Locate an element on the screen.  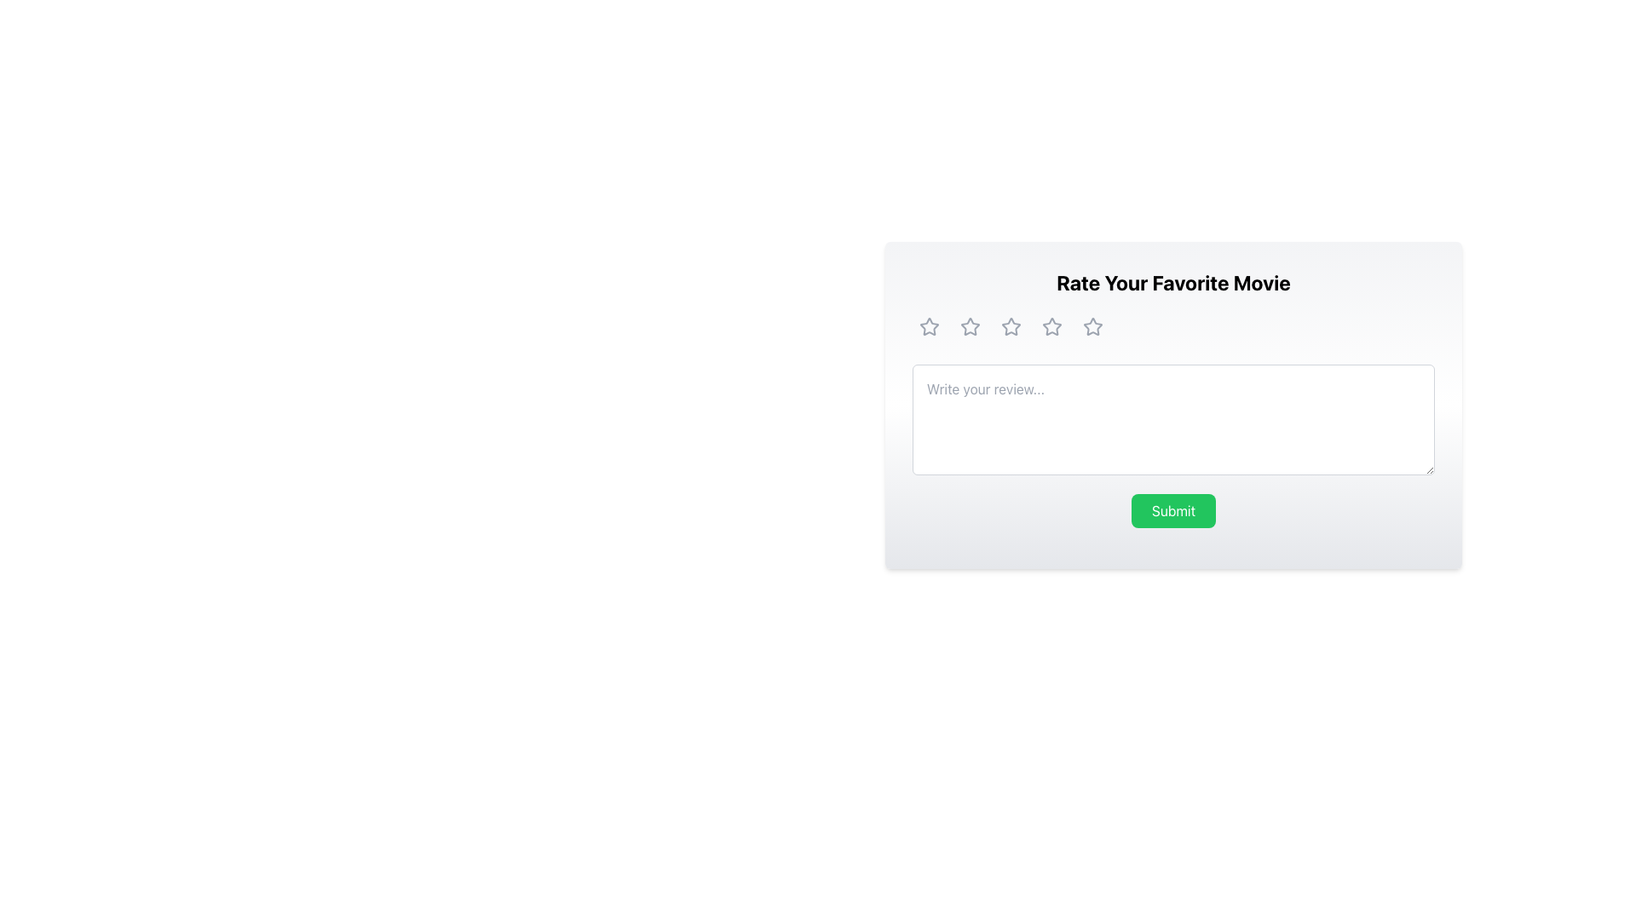
the second star in the star-based rating system is located at coordinates (1011, 327).